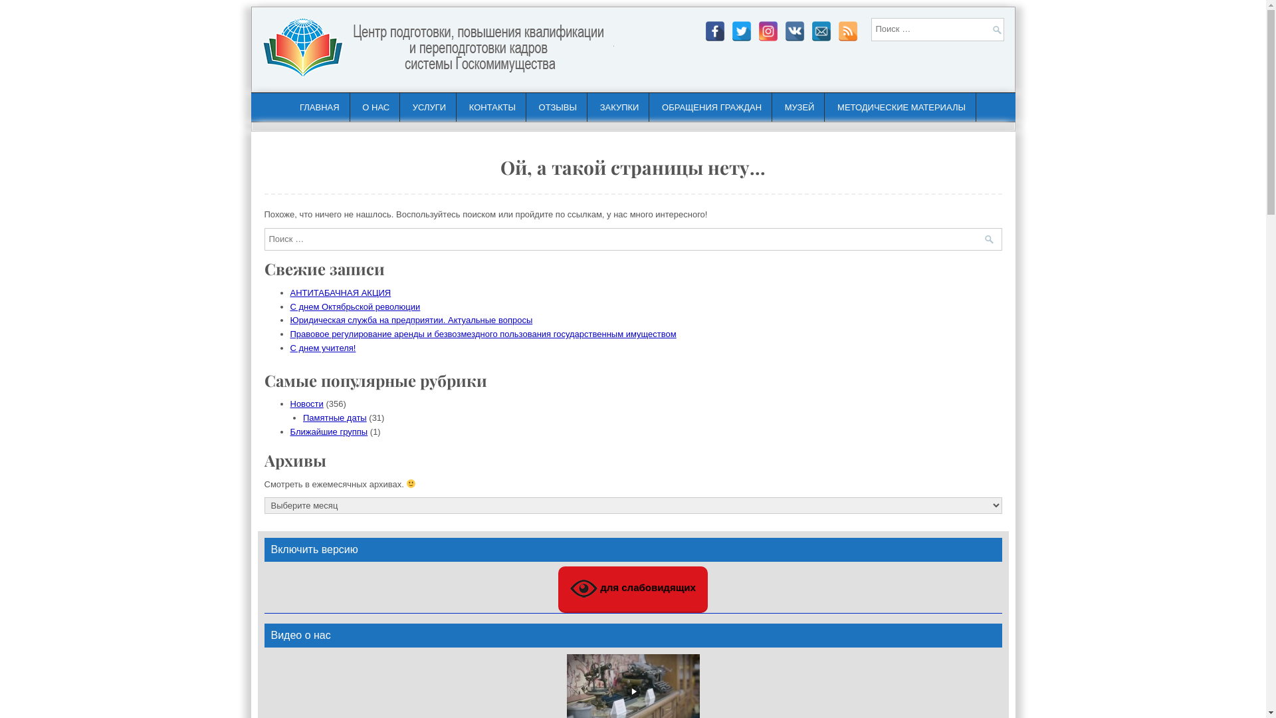 The width and height of the screenshot is (1276, 718). What do you see at coordinates (730, 30) in the screenshot?
I see `'Twitter'` at bounding box center [730, 30].